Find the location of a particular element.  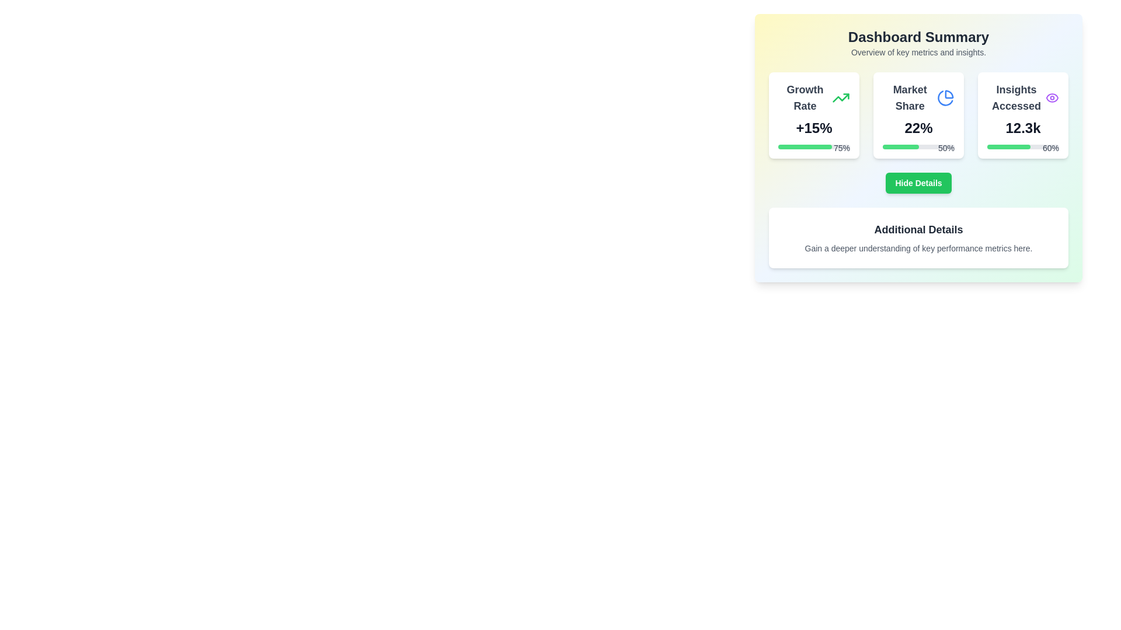

the text label displaying 'Dashboard Summary' which is prominently positioned at the top of its section is located at coordinates (918, 37).